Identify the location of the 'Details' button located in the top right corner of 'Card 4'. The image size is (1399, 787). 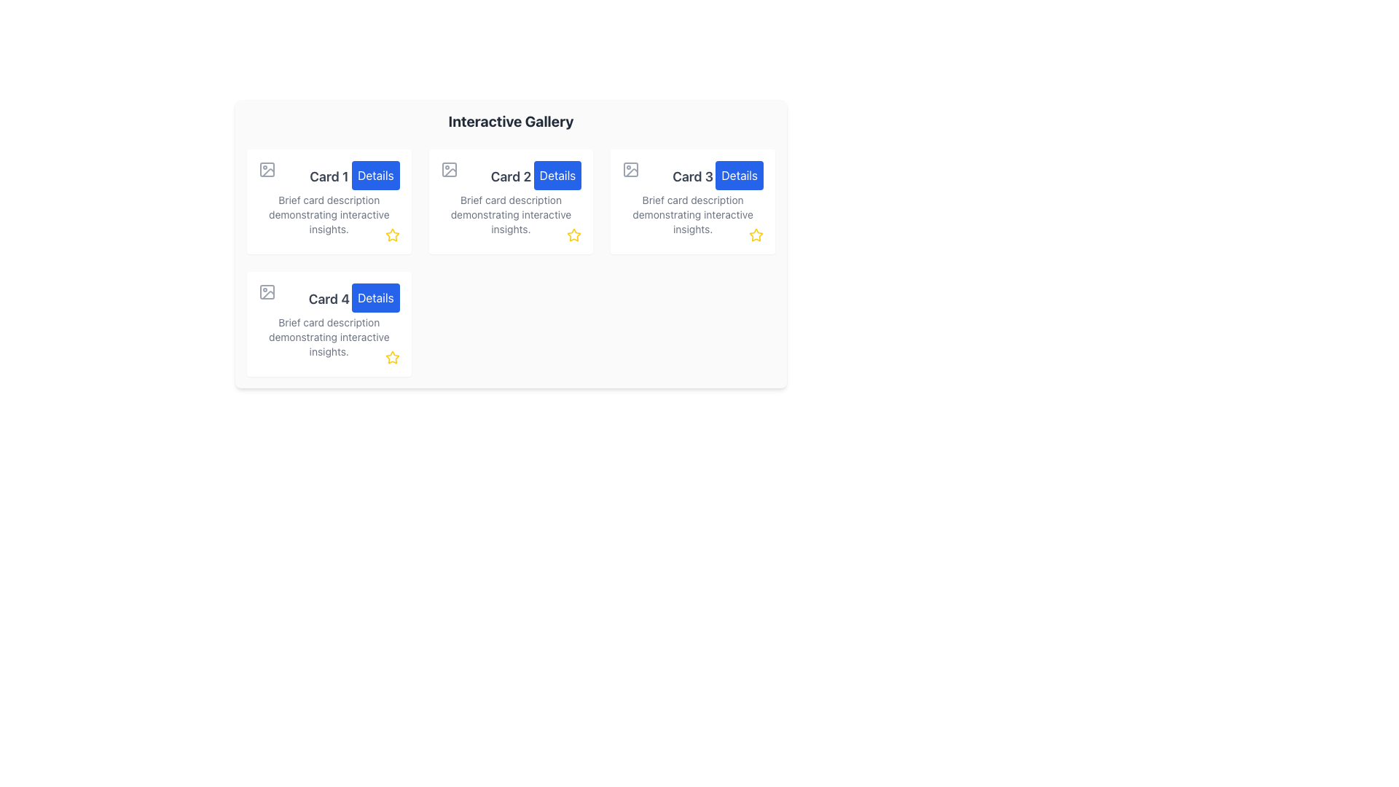
(375, 297).